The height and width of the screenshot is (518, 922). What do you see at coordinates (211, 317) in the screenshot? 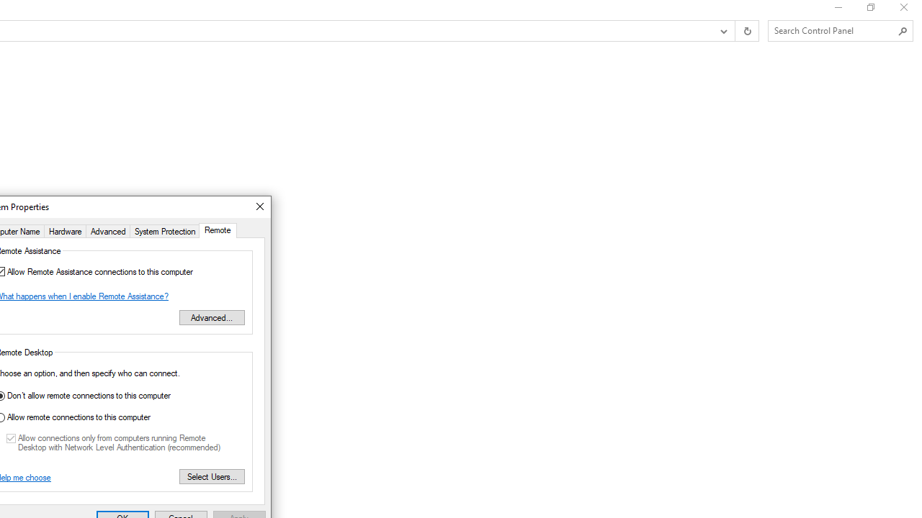
I see `'Advanced...'` at bounding box center [211, 317].